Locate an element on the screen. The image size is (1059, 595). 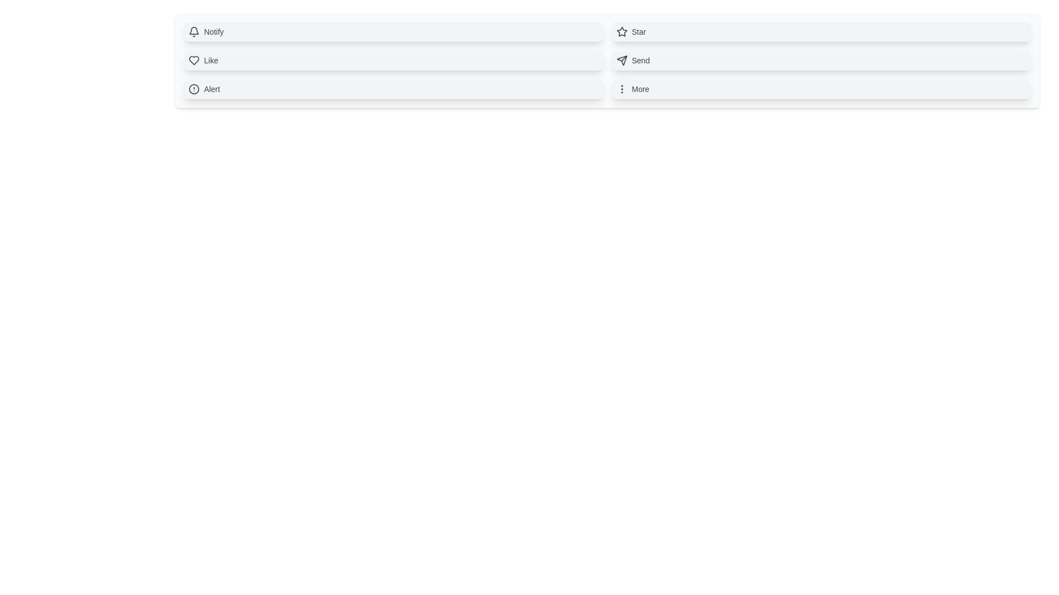
the appearance of the paper plane icon located within the 'Send' button on the right side, which is styled in a gray stroke design is located at coordinates (622, 61).